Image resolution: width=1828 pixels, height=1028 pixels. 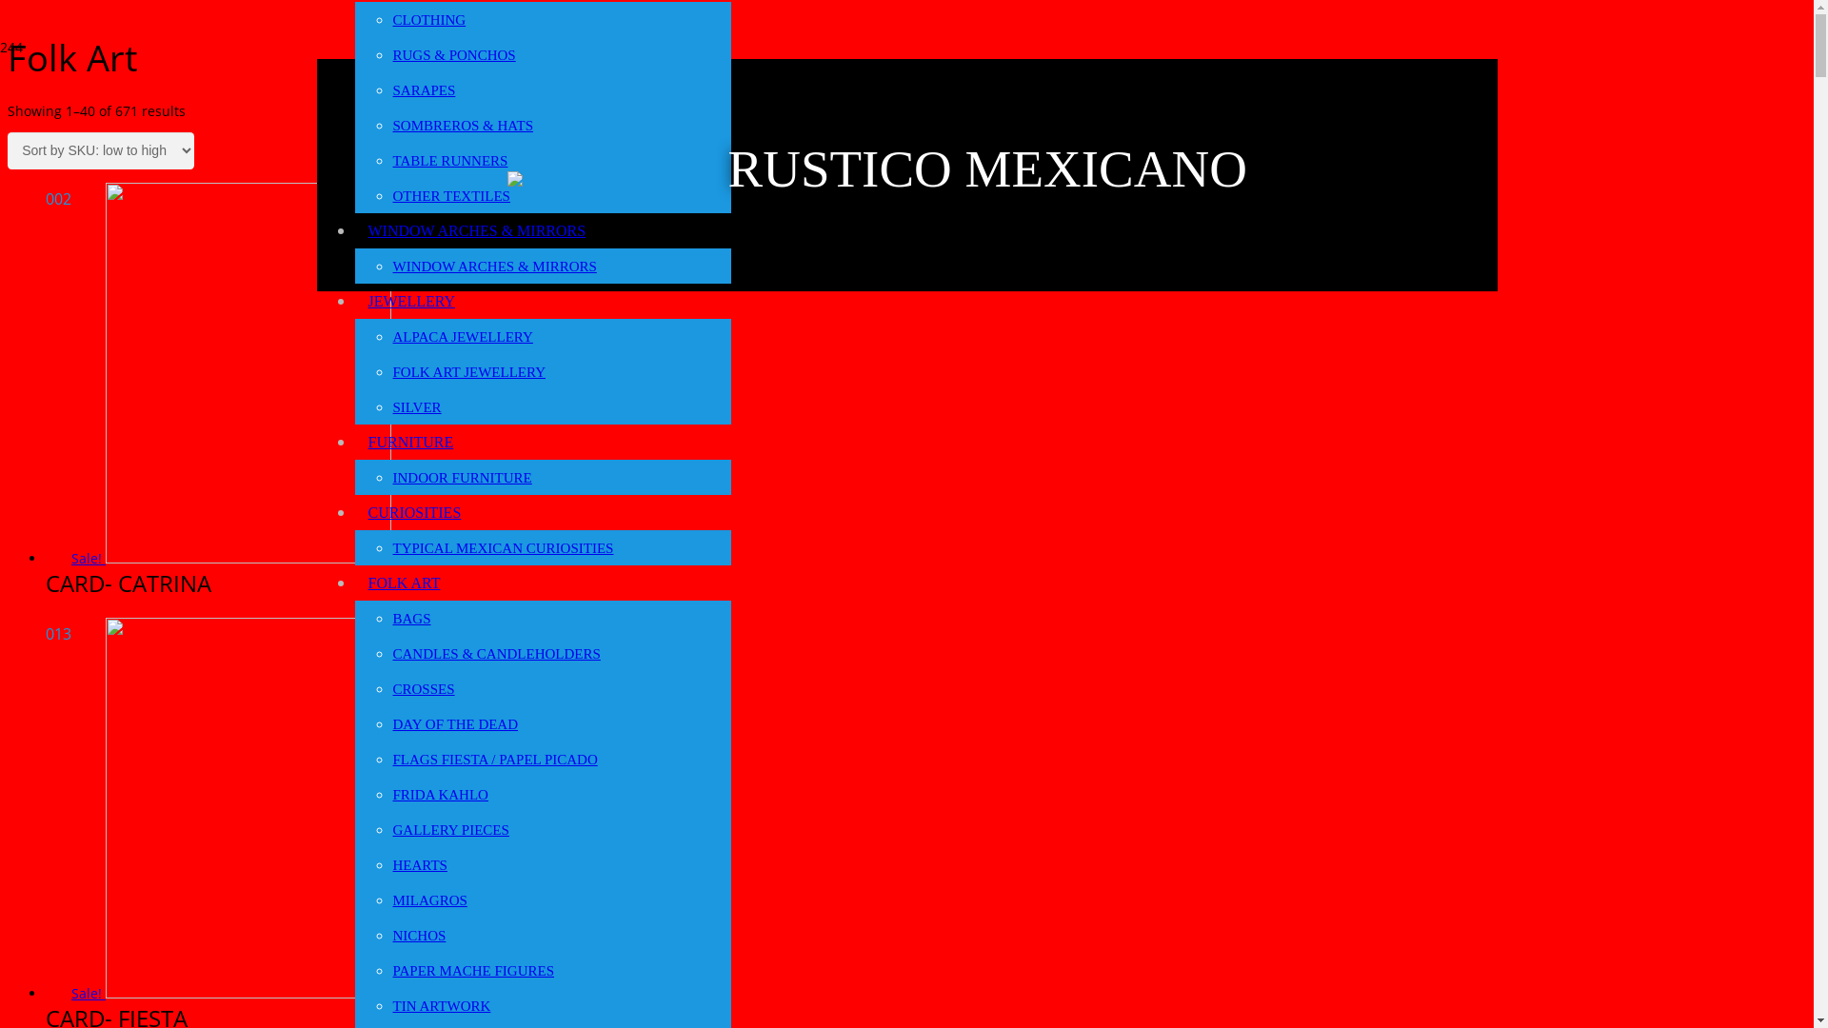 What do you see at coordinates (418, 865) in the screenshot?
I see `'HEARTS'` at bounding box center [418, 865].